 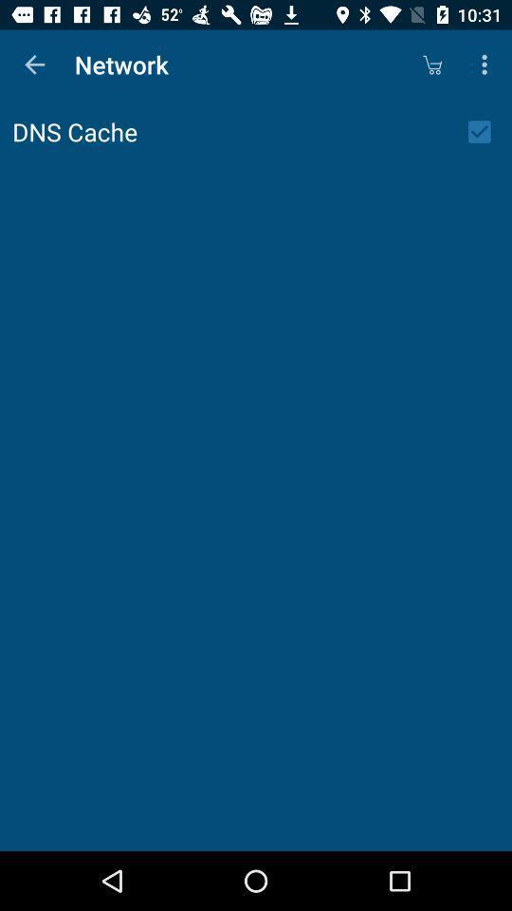 What do you see at coordinates (431, 65) in the screenshot?
I see `icon next to network icon` at bounding box center [431, 65].